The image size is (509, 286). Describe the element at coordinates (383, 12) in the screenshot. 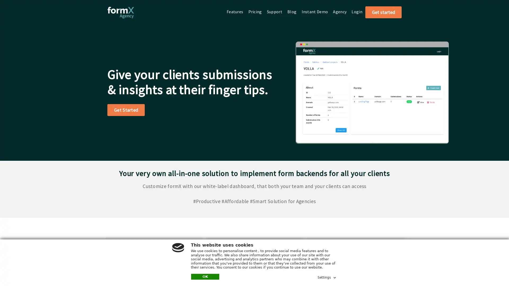

I see `Get started` at that location.